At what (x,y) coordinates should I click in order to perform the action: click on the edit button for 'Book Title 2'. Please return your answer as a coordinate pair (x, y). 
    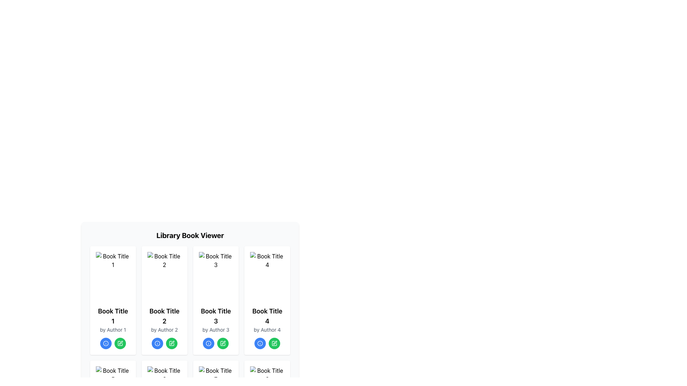
    Looking at the image, I should click on (171, 343).